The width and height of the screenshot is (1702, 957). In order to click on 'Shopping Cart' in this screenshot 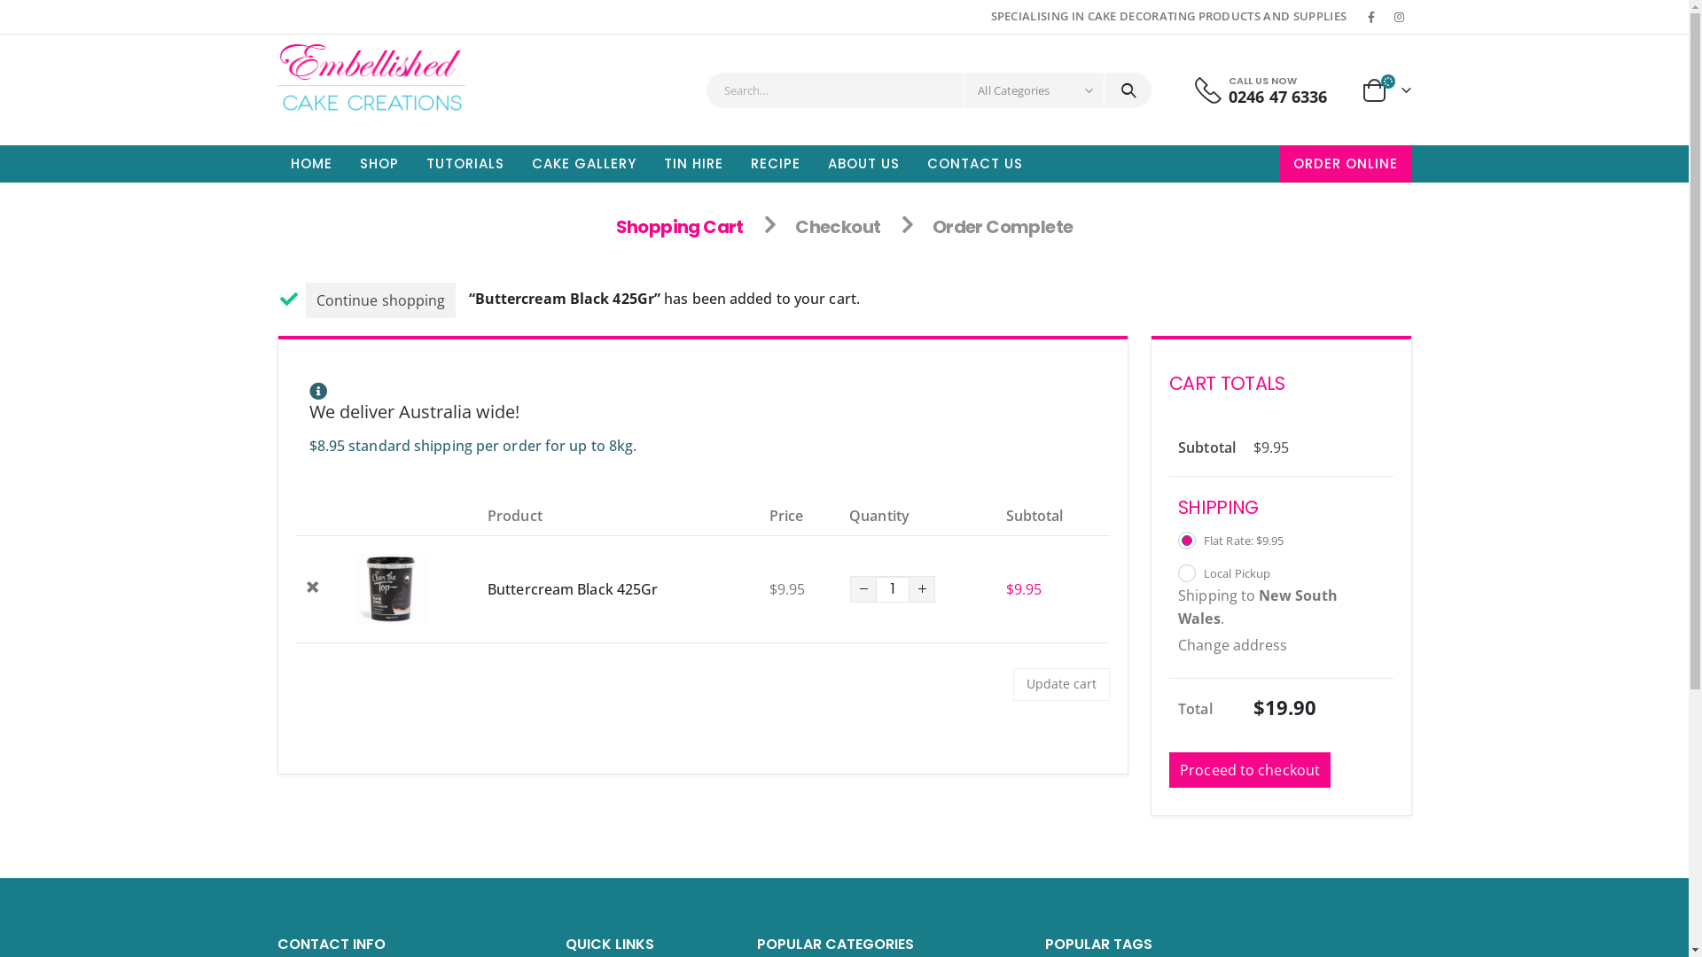, I will do `click(679, 225)`.